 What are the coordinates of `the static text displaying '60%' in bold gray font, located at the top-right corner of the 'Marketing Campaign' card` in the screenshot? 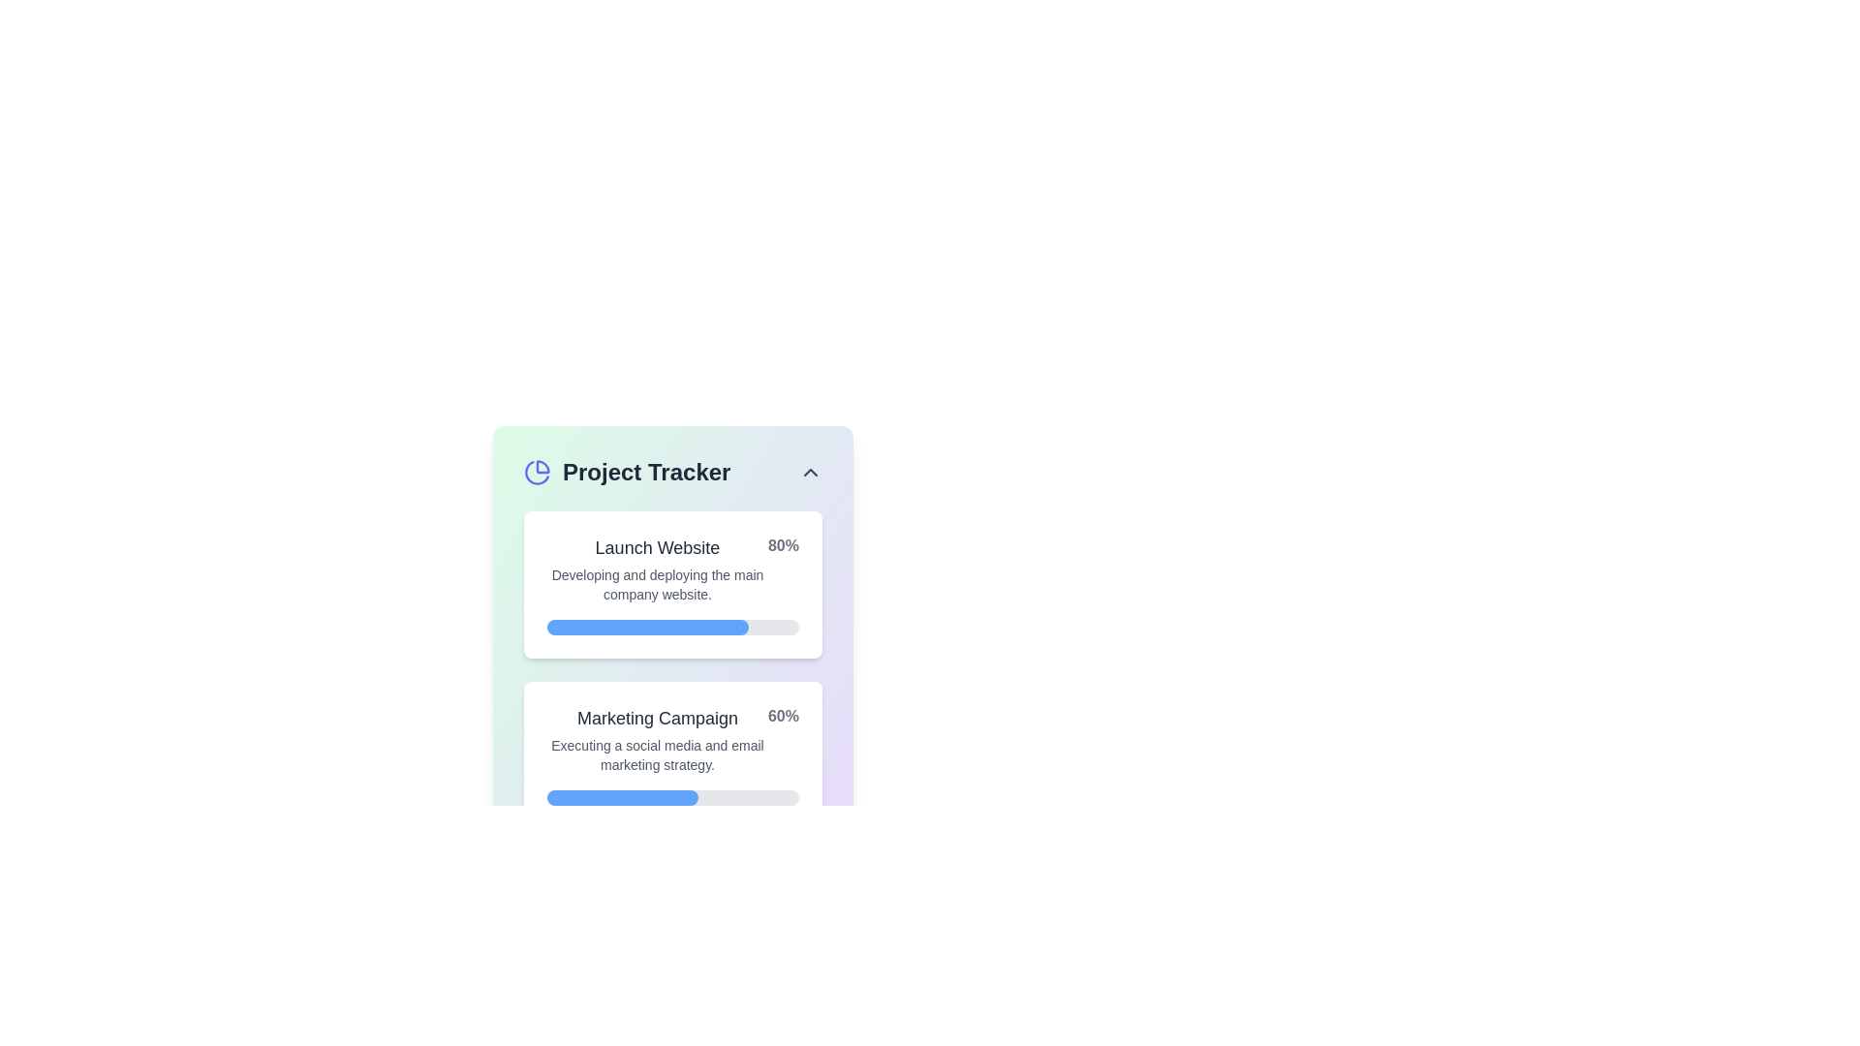 It's located at (783, 717).